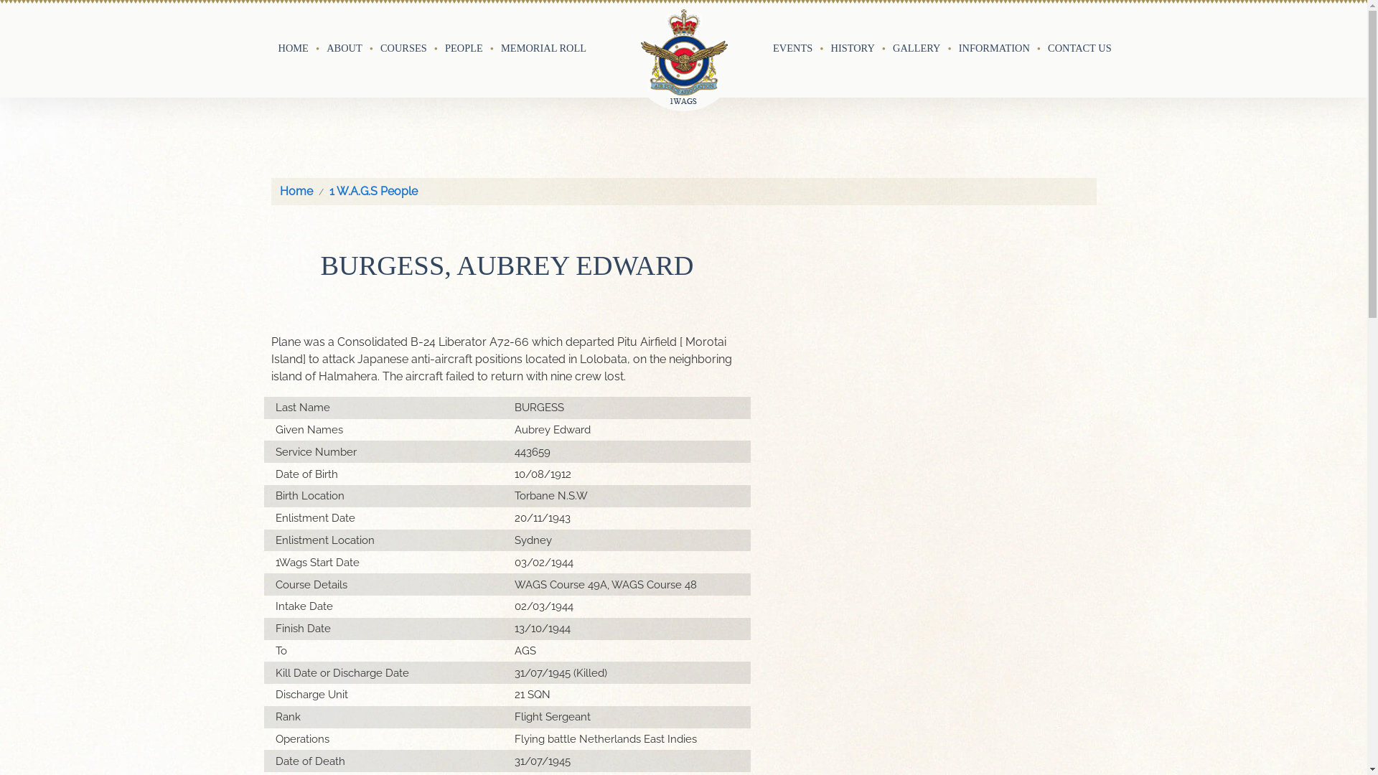  Describe the element at coordinates (683, 57) in the screenshot. I see `'No. 1 Wireless Air Gunners School Ballarat'` at that location.